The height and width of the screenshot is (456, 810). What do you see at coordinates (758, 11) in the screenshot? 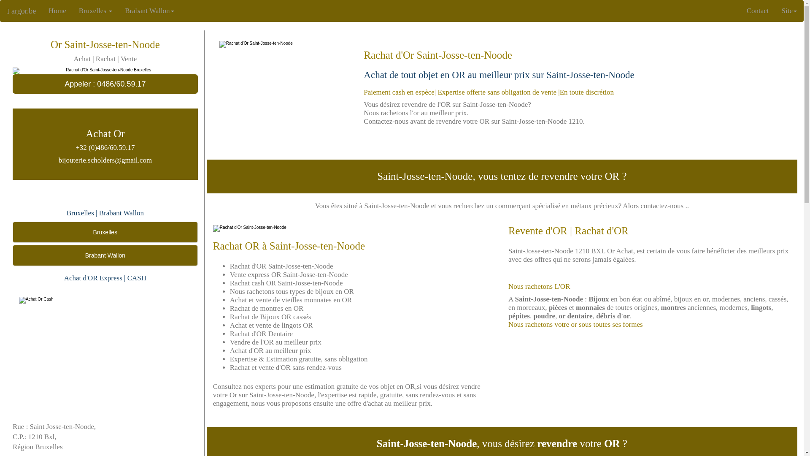
I see `'Contact'` at bounding box center [758, 11].